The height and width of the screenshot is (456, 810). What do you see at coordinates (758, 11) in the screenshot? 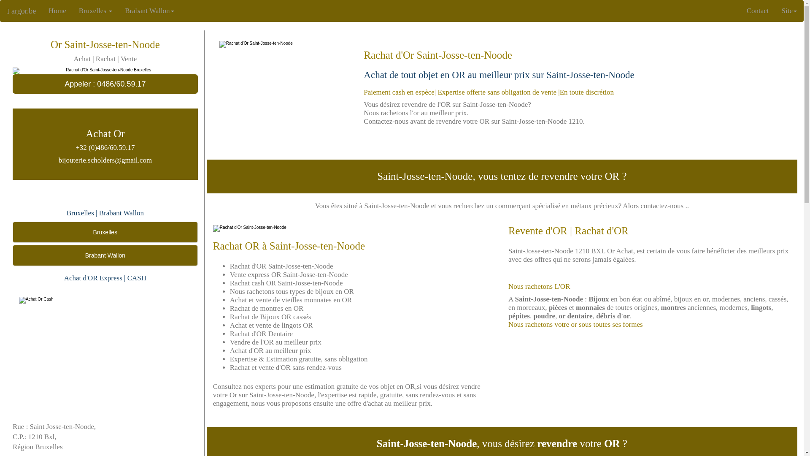
I see `'Contact'` at bounding box center [758, 11].